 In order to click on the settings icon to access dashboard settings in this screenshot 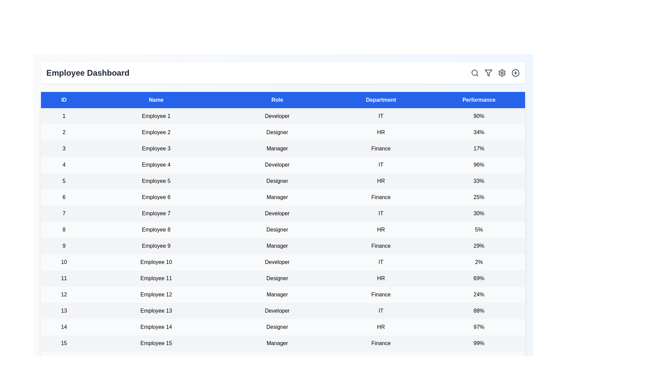, I will do `click(502, 73)`.